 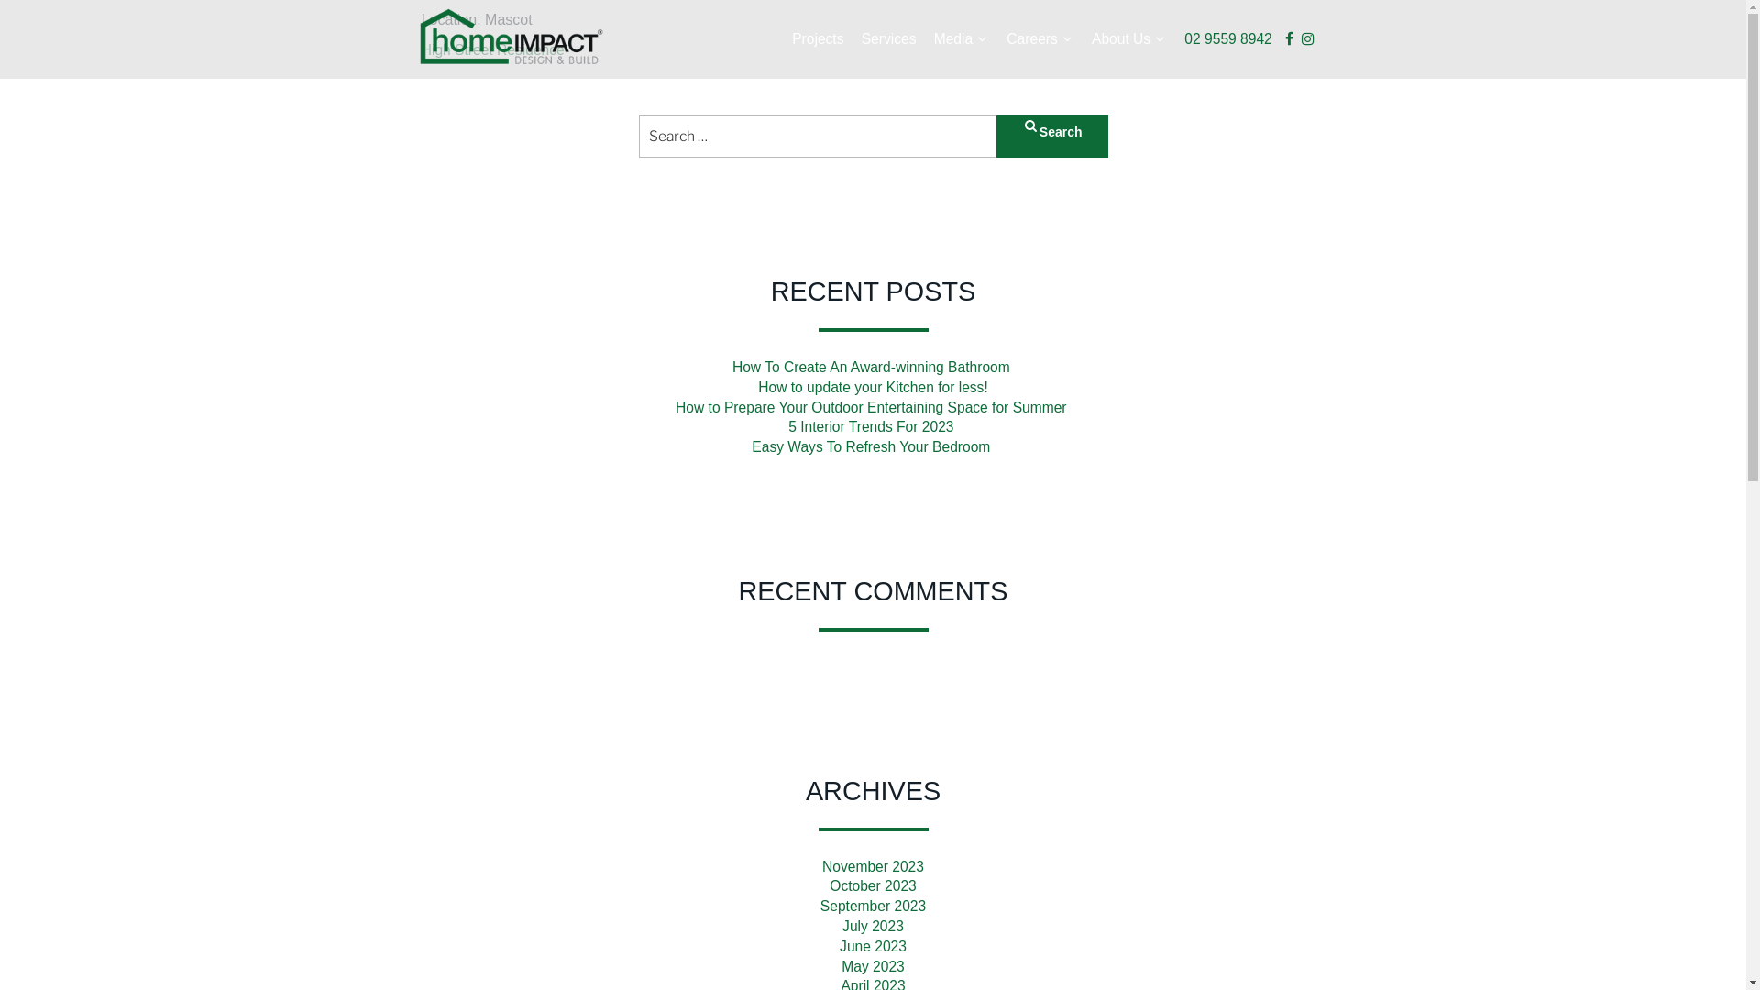 I want to click on 'How To Create An Award-winning Bathroom ', so click(x=872, y=367).